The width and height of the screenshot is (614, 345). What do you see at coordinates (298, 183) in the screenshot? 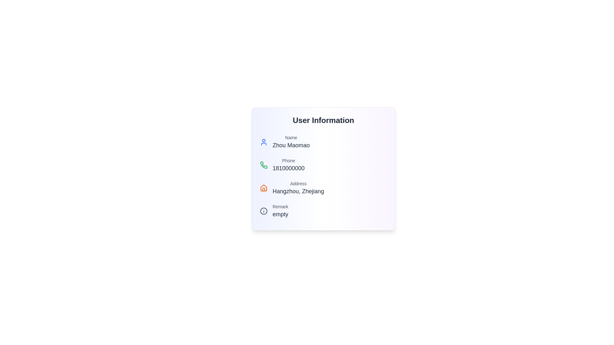
I see `the text label that serves as a header for the address information in the 'User Information' panel, located directly above the address details` at bounding box center [298, 183].